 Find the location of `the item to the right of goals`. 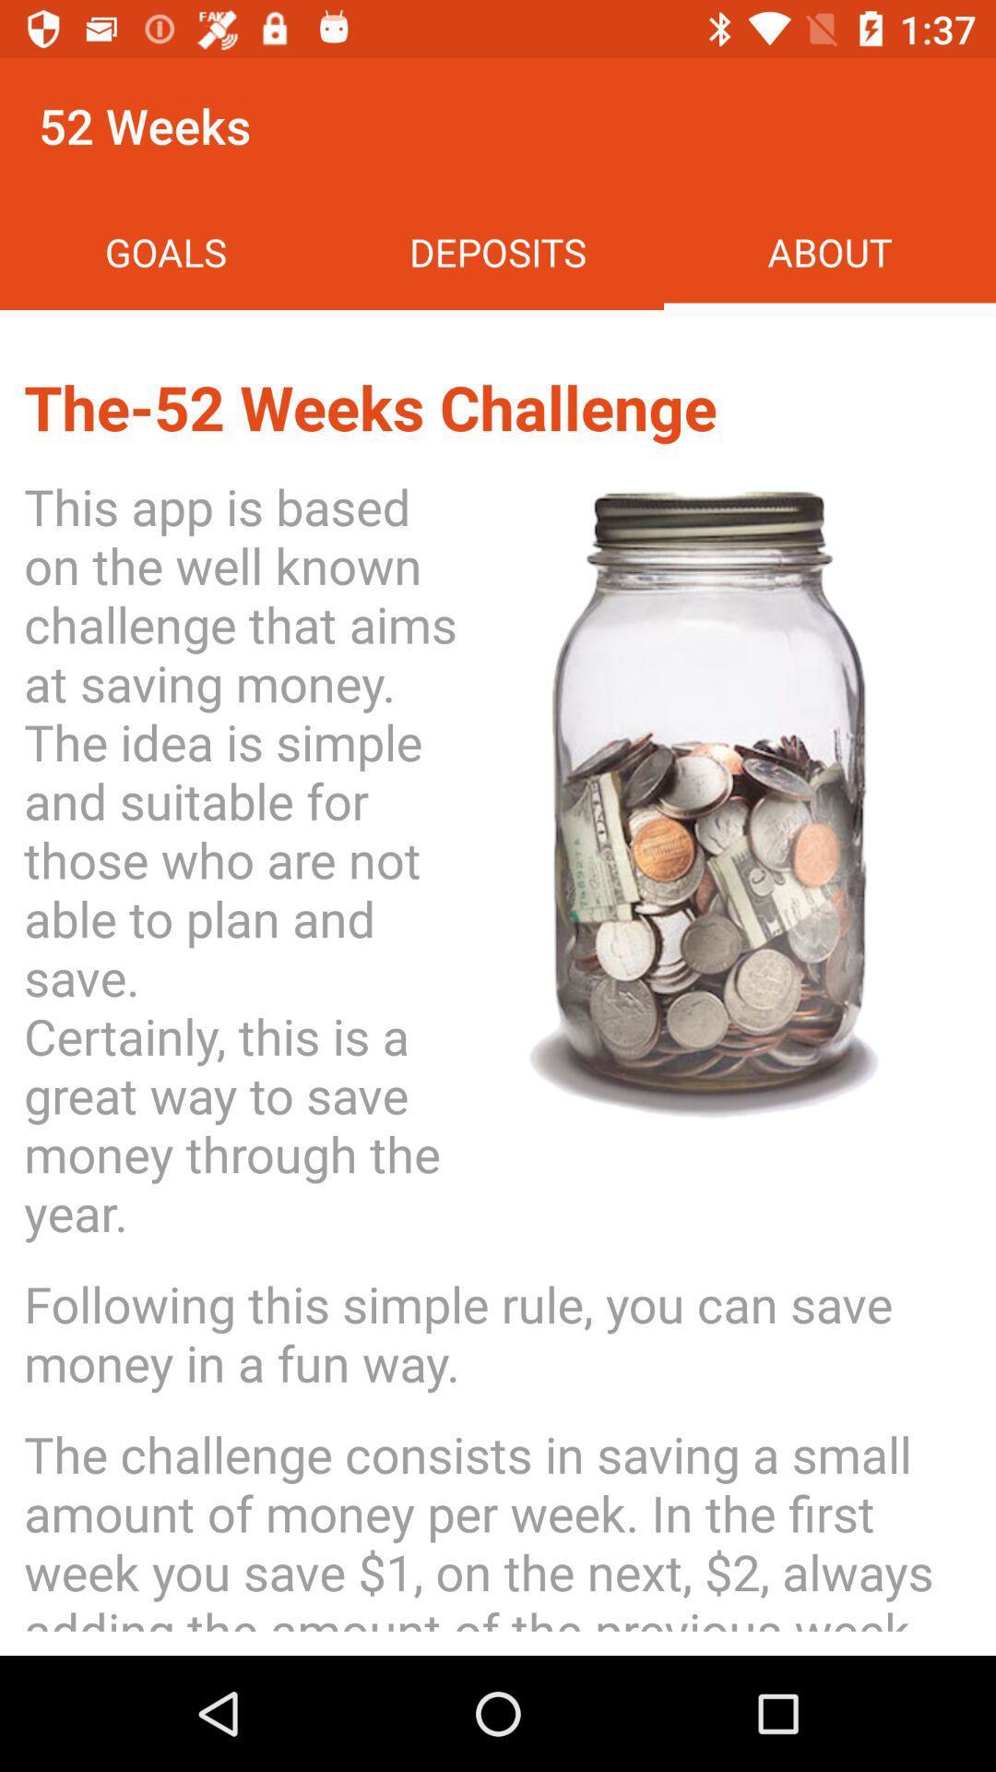

the item to the right of goals is located at coordinates (498, 251).